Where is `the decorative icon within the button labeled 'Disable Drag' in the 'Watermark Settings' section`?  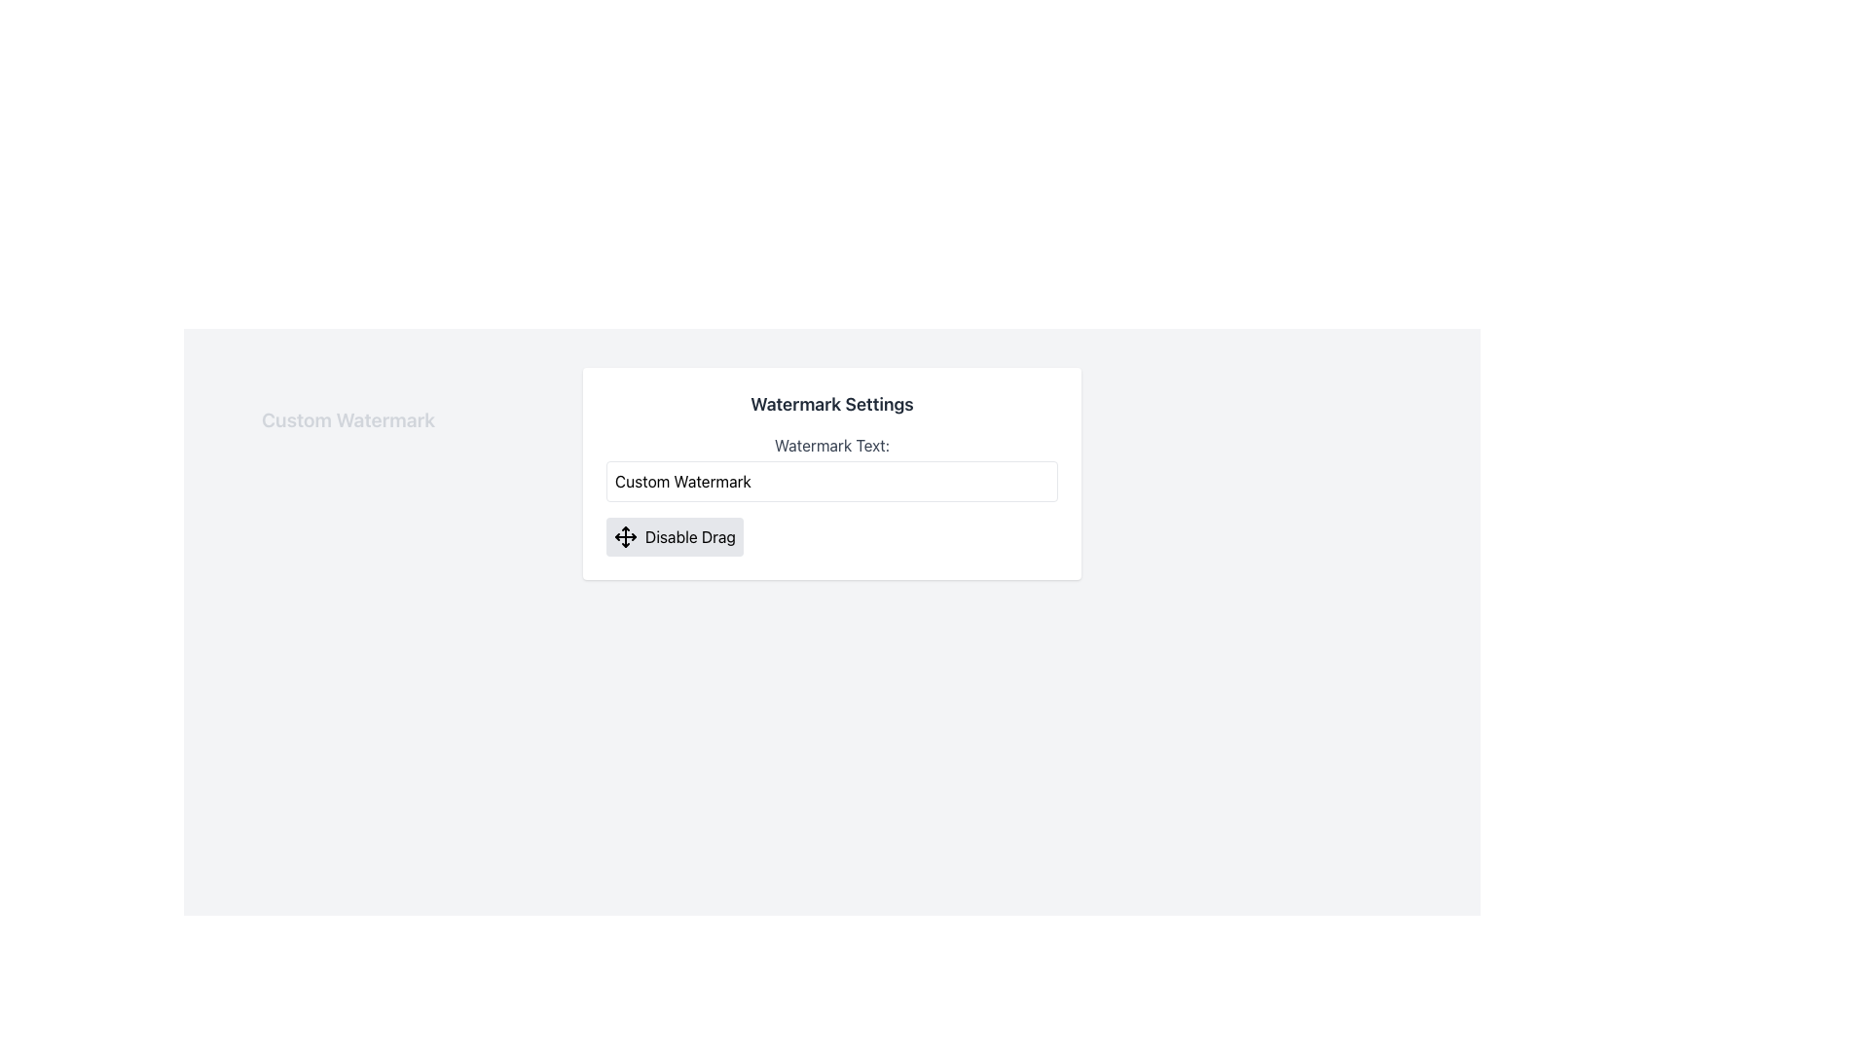
the decorative icon within the button labeled 'Disable Drag' in the 'Watermark Settings' section is located at coordinates (626, 536).